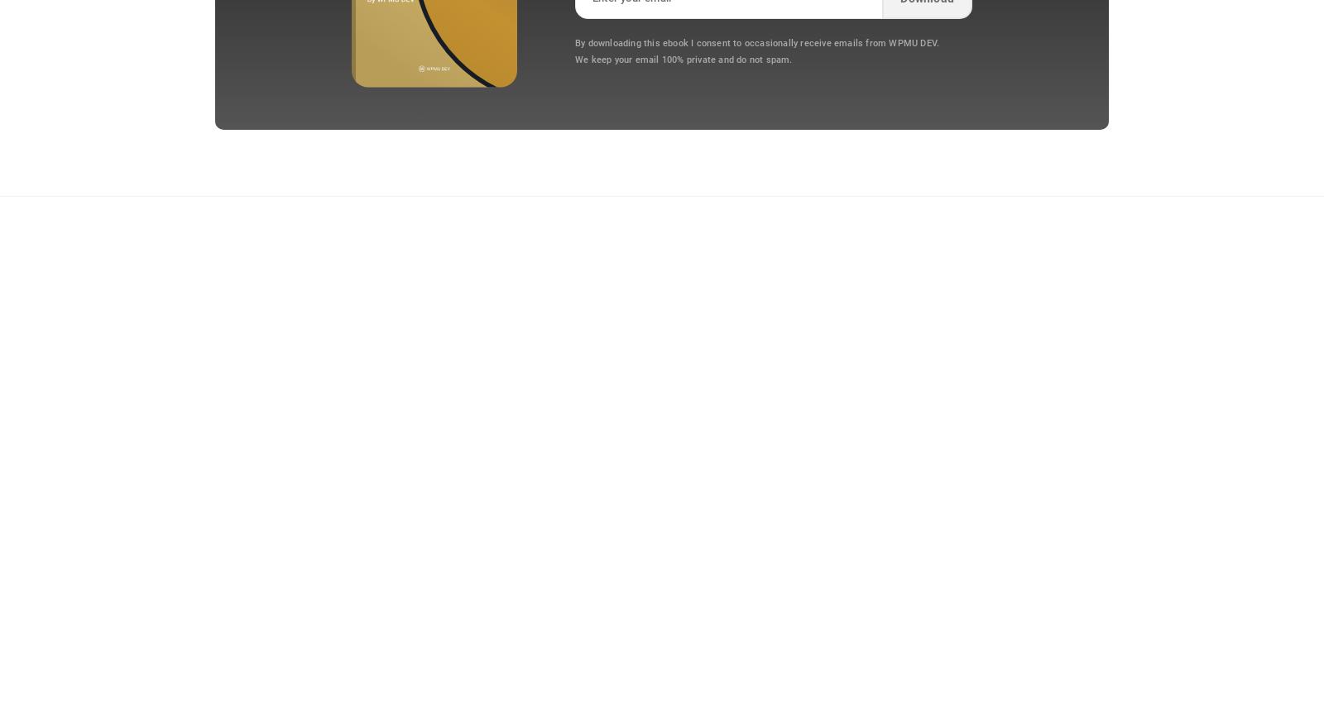  What do you see at coordinates (340, 466) in the screenshot?
I see `'Compare Hosting'` at bounding box center [340, 466].